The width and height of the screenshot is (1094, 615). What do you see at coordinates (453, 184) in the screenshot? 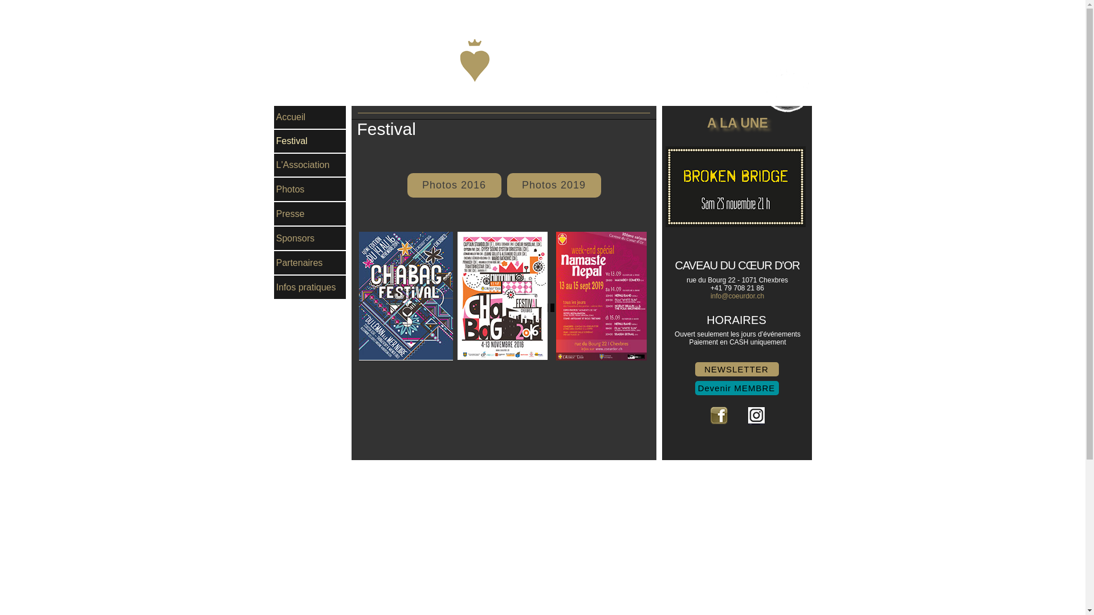
I see `'Photos 2016'` at bounding box center [453, 184].